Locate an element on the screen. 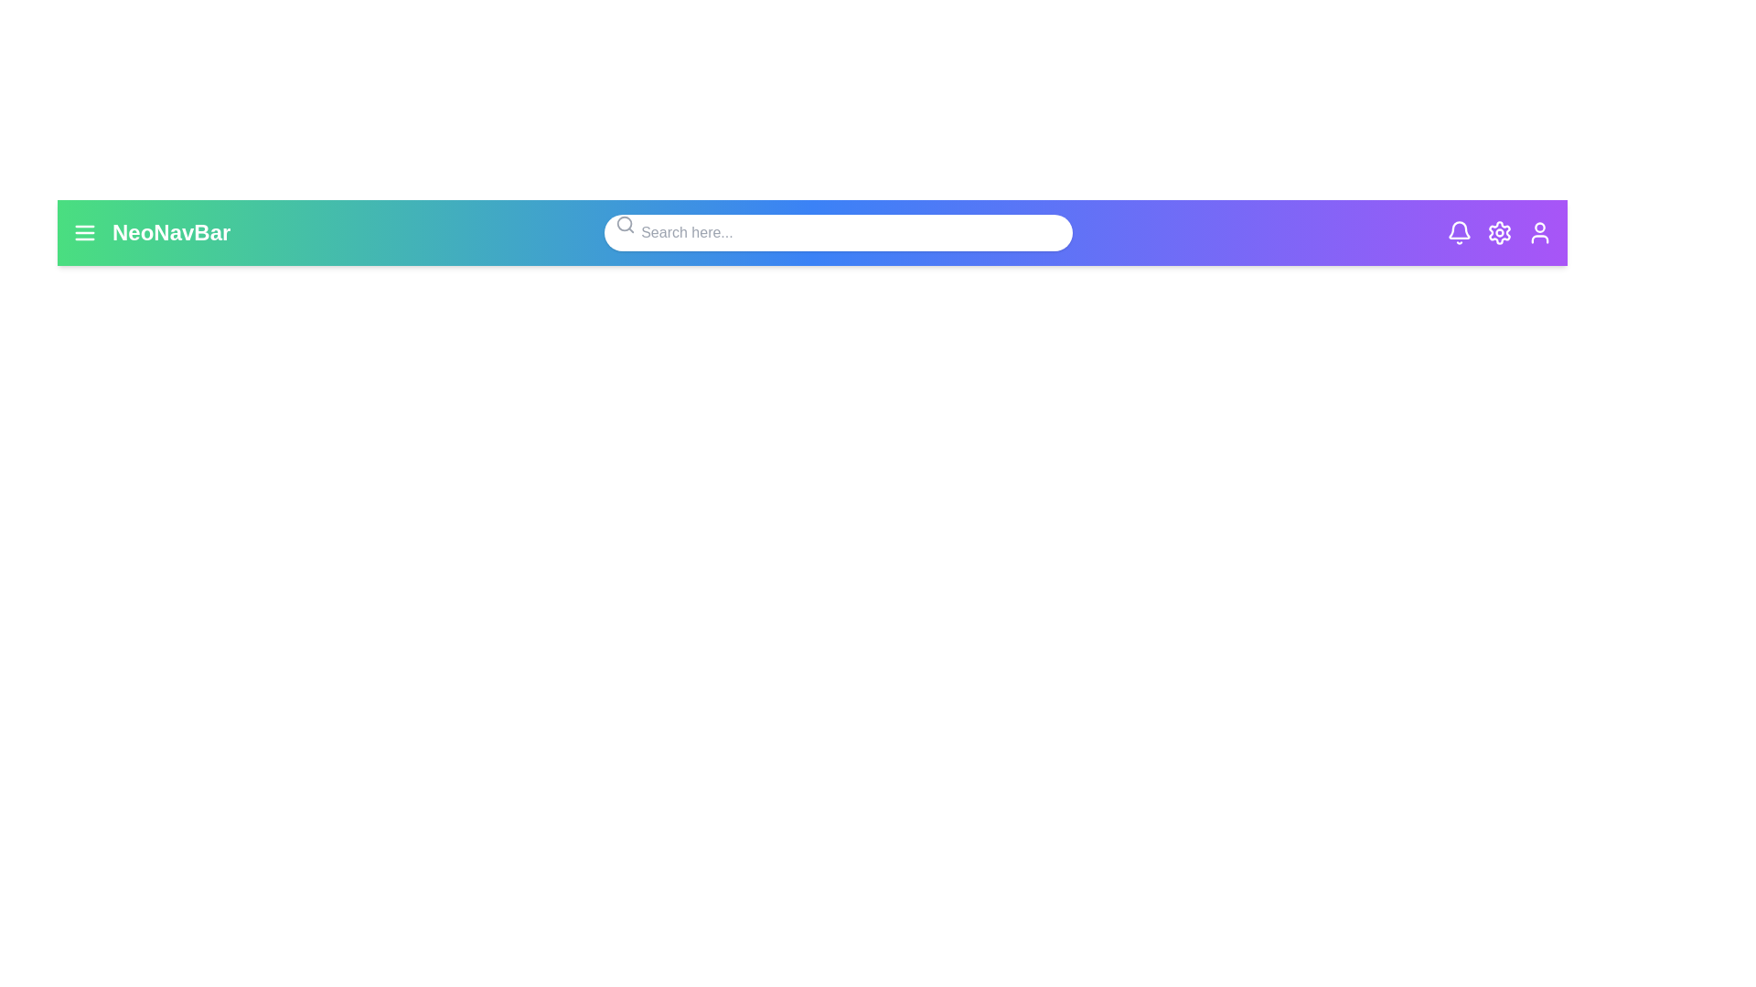  the menu icon to observe its hover effect is located at coordinates (83, 231).